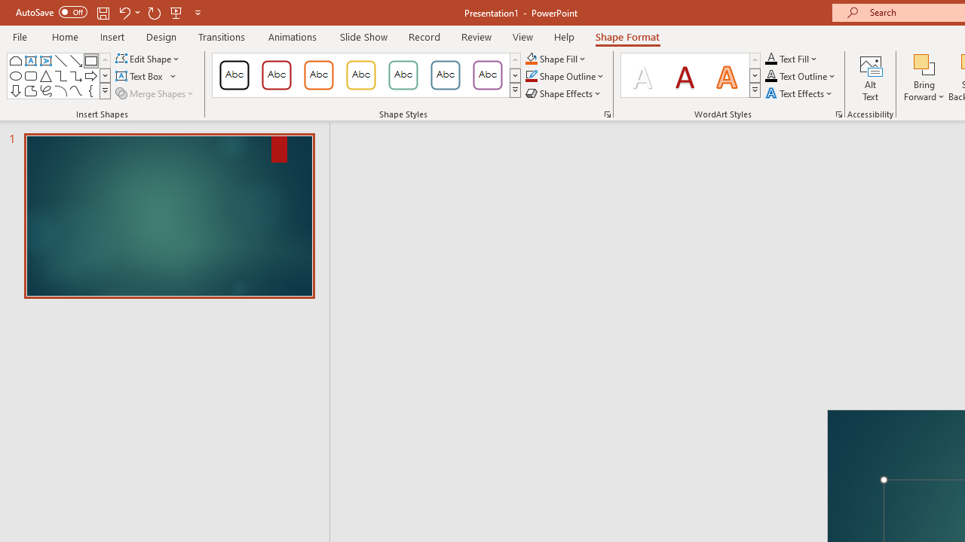 This screenshot has height=542, width=965. I want to click on 'Arrow: Down', so click(16, 90).